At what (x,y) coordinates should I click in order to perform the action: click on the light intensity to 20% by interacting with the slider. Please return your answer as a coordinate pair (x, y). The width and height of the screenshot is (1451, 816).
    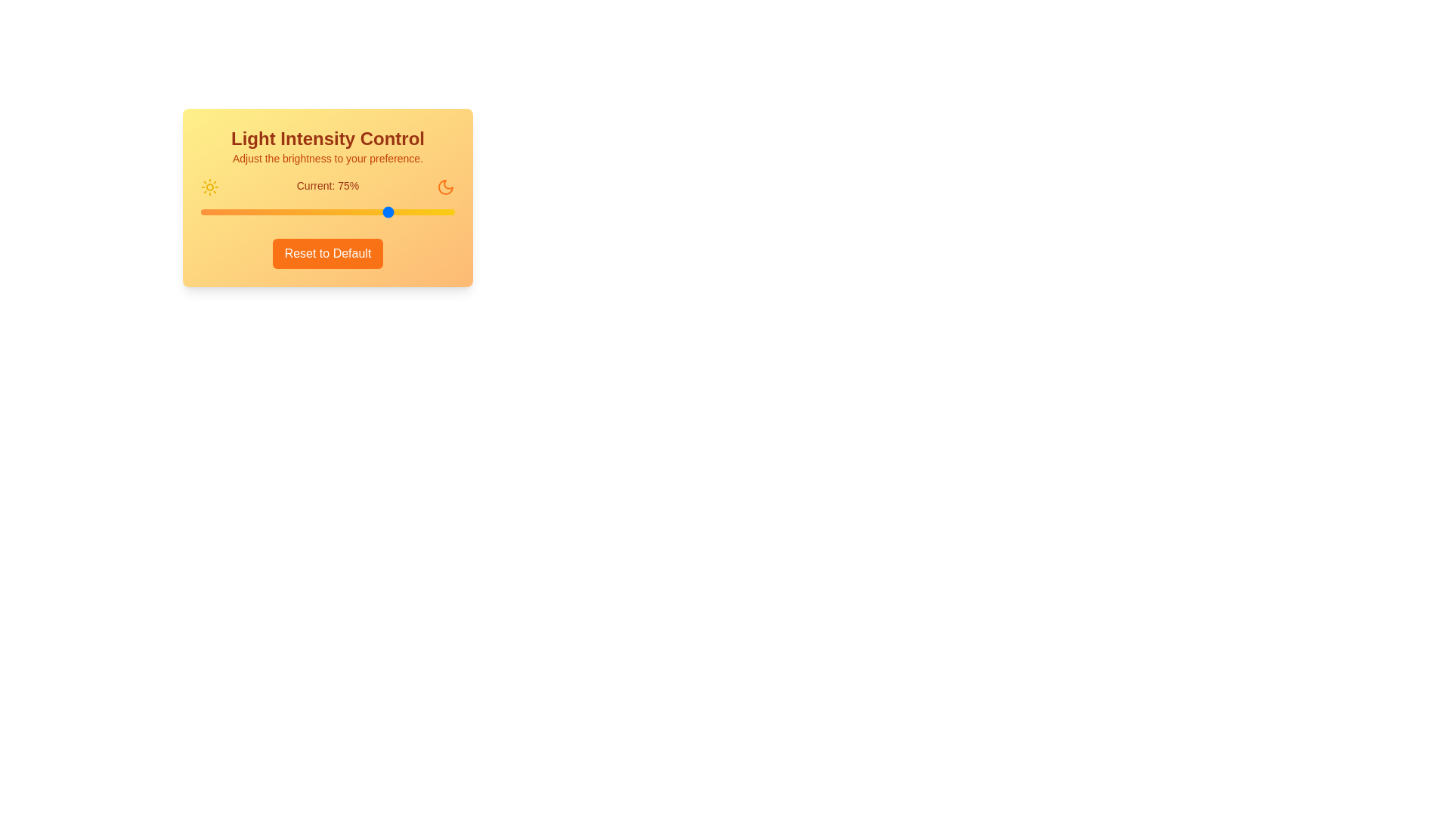
    Looking at the image, I should click on (252, 212).